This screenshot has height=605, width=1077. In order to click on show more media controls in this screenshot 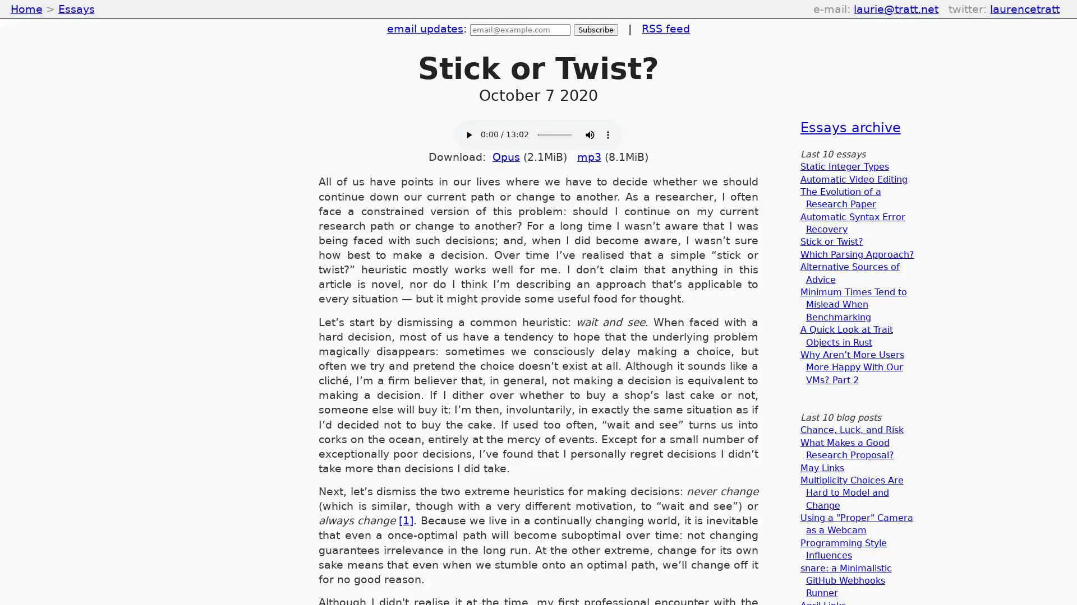, I will do `click(607, 133)`.